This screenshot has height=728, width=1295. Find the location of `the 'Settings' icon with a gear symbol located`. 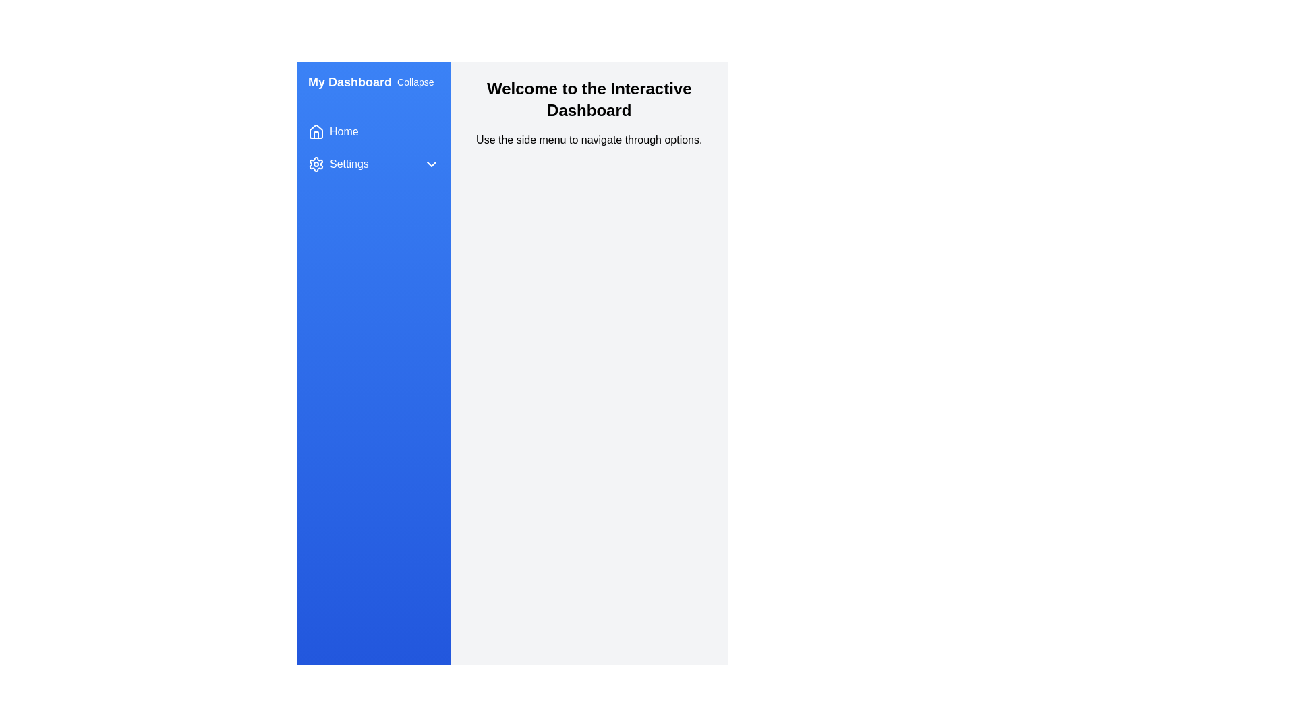

the 'Settings' icon with a gear symbol located is located at coordinates (338, 163).